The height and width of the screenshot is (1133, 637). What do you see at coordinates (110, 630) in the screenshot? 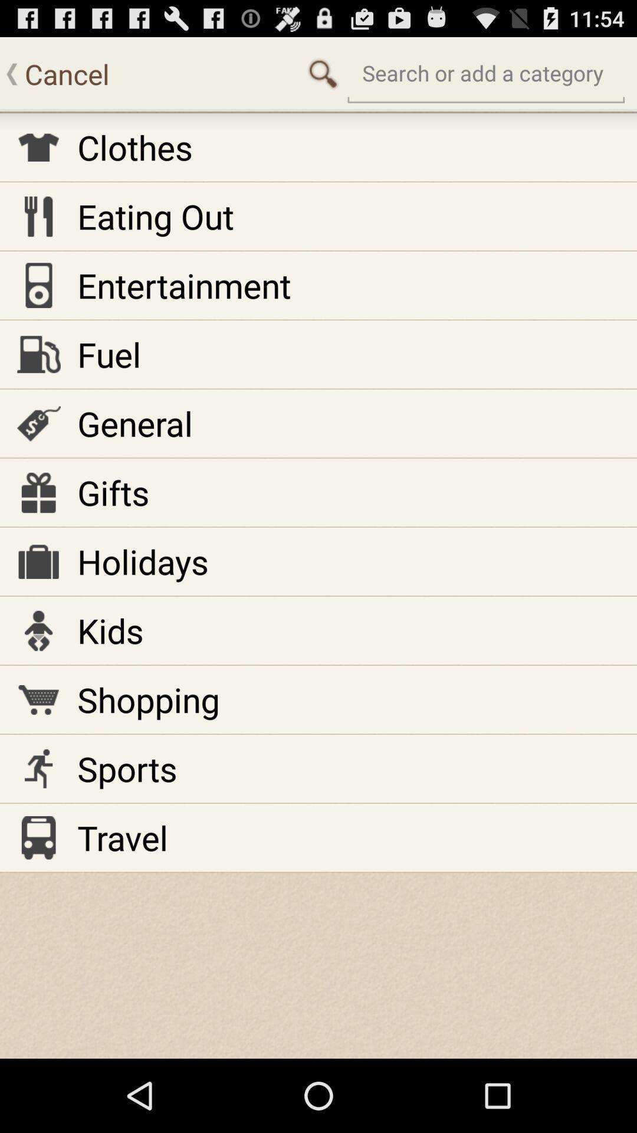
I see `kids item` at bounding box center [110, 630].